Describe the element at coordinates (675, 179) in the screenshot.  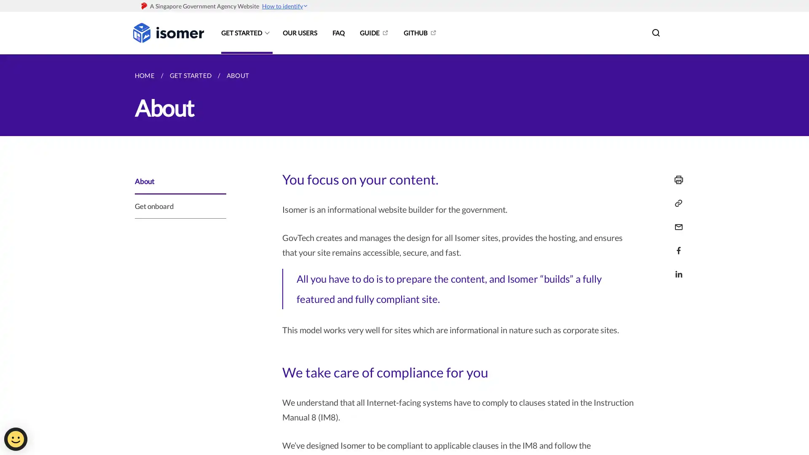
I see `Print` at that location.